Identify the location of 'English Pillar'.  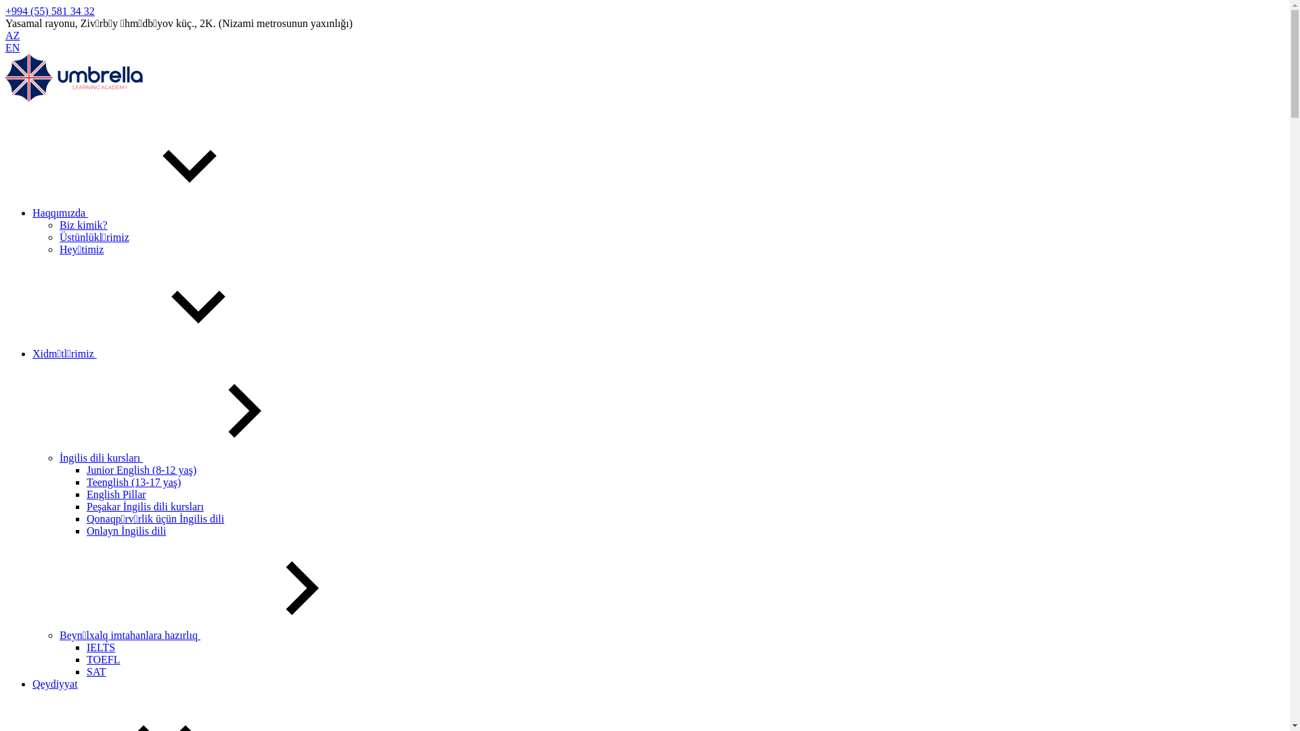
(116, 494).